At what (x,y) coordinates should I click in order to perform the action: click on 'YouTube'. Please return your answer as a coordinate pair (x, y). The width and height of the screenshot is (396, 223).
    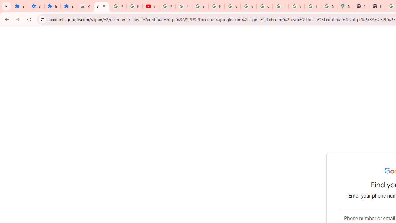
    Looking at the image, I should click on (151, 6).